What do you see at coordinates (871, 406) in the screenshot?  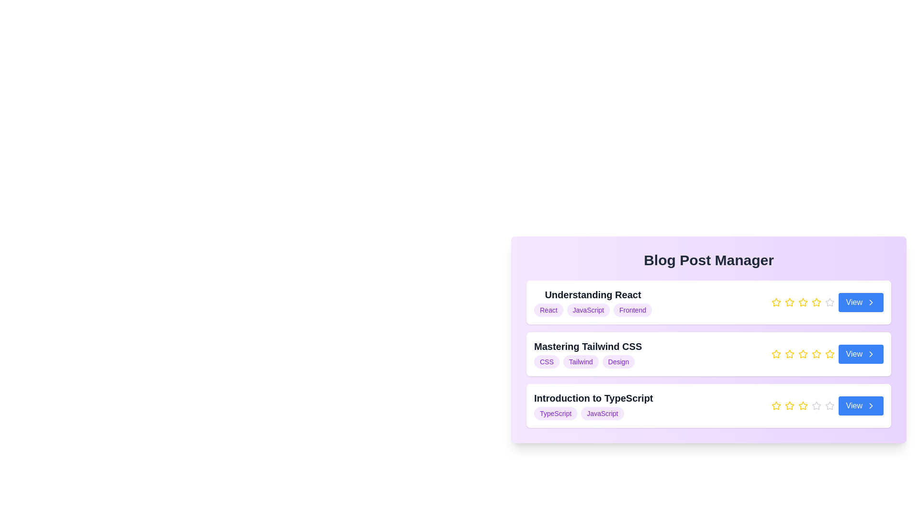 I see `the right-facing chevron icon inside the blue 'View' button associated with the third item in the 'Blog Post Manager' list` at bounding box center [871, 406].